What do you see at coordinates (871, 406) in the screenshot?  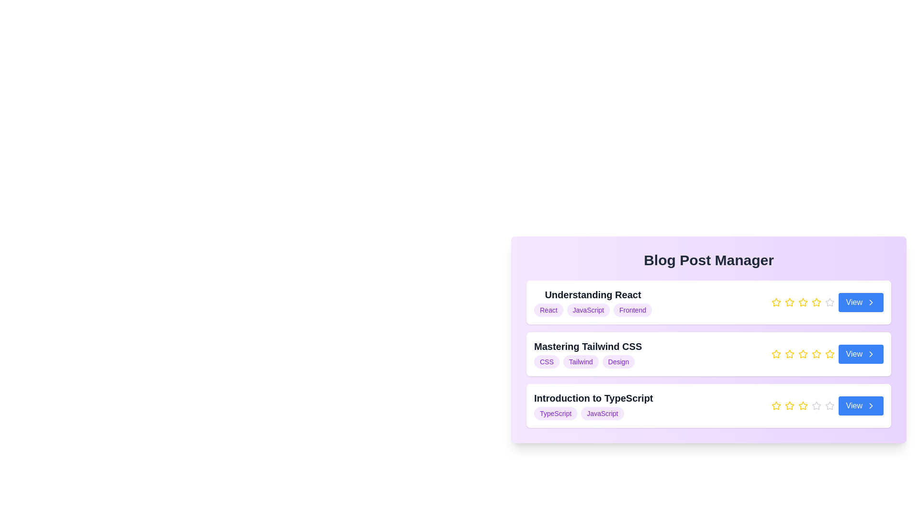 I see `the right-facing chevron icon inside the blue 'View' button associated with the third item in the 'Blog Post Manager' list` at bounding box center [871, 406].